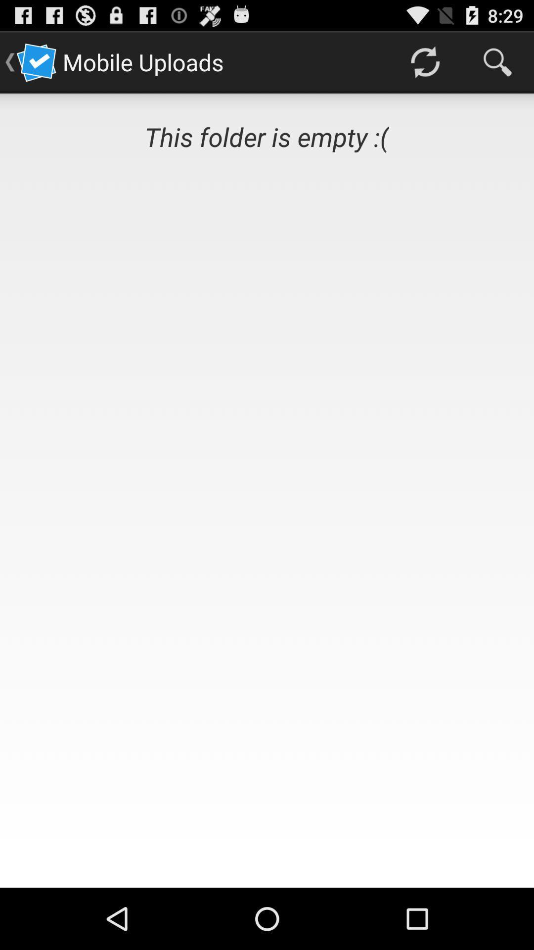 Image resolution: width=534 pixels, height=950 pixels. What do you see at coordinates (424, 61) in the screenshot?
I see `the app next to the mobile uploads` at bounding box center [424, 61].